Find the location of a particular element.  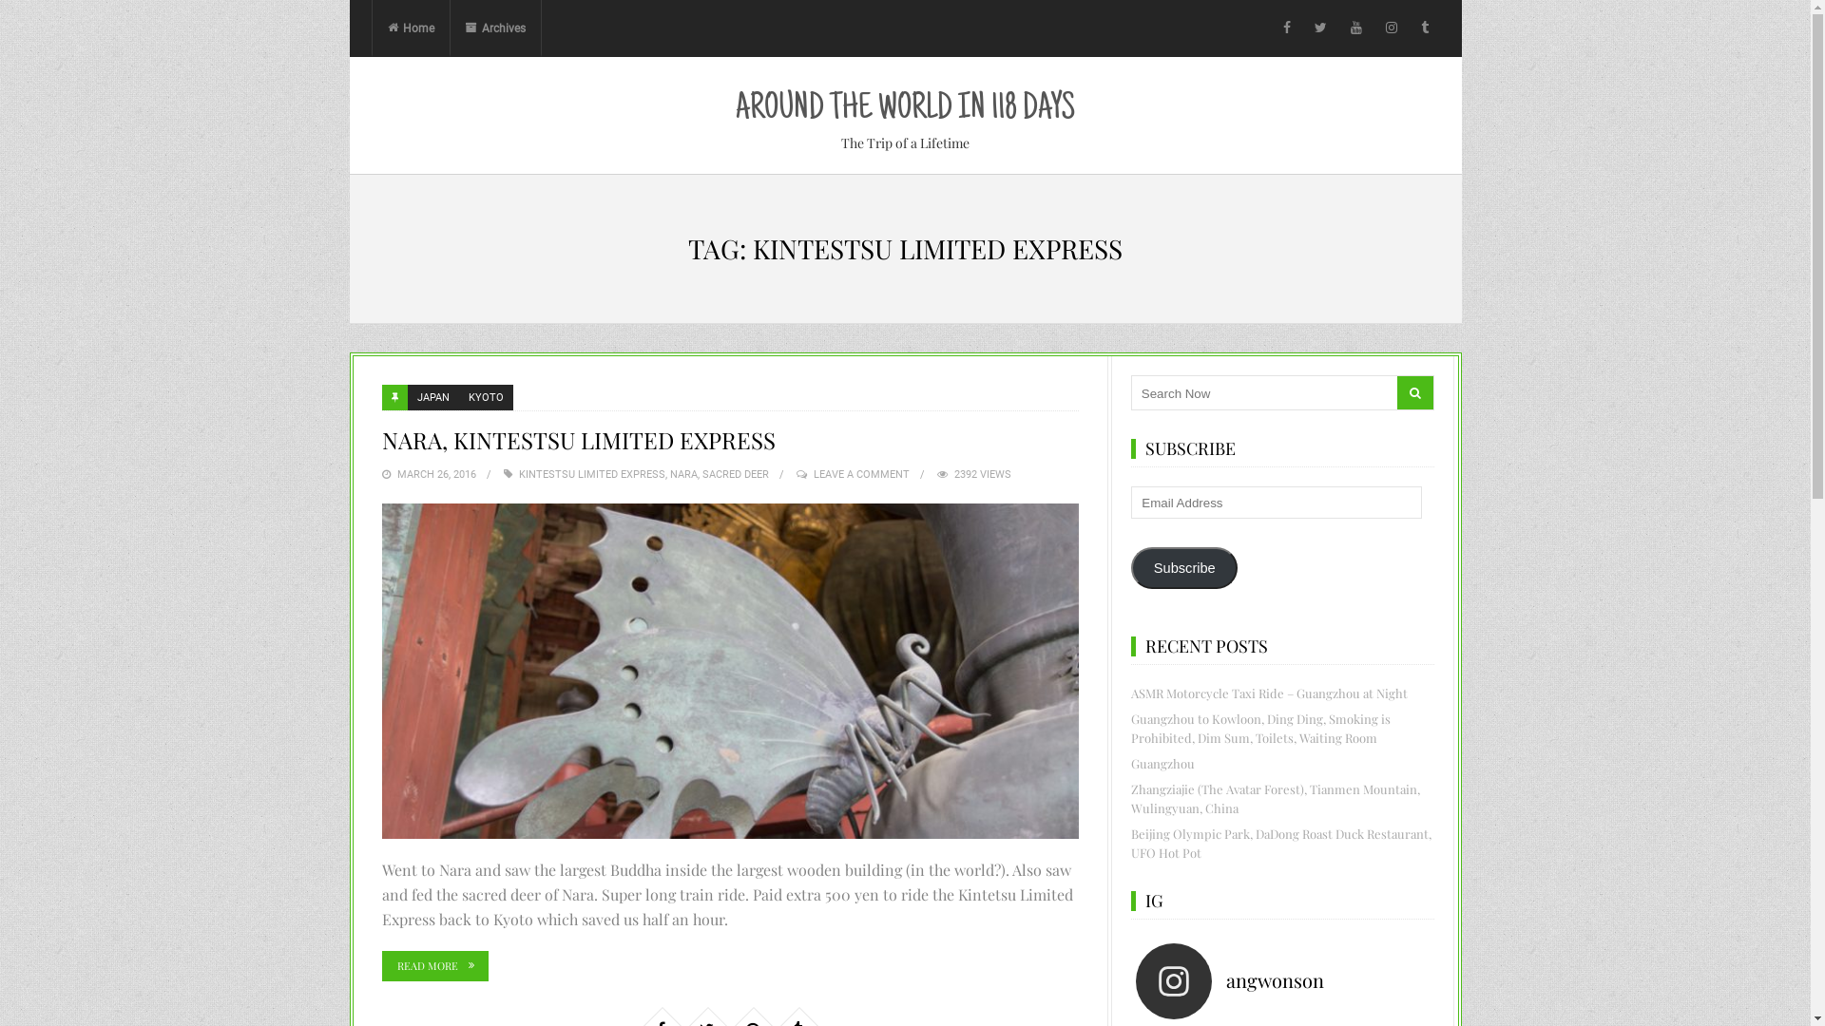

'NARA' is located at coordinates (669, 473).